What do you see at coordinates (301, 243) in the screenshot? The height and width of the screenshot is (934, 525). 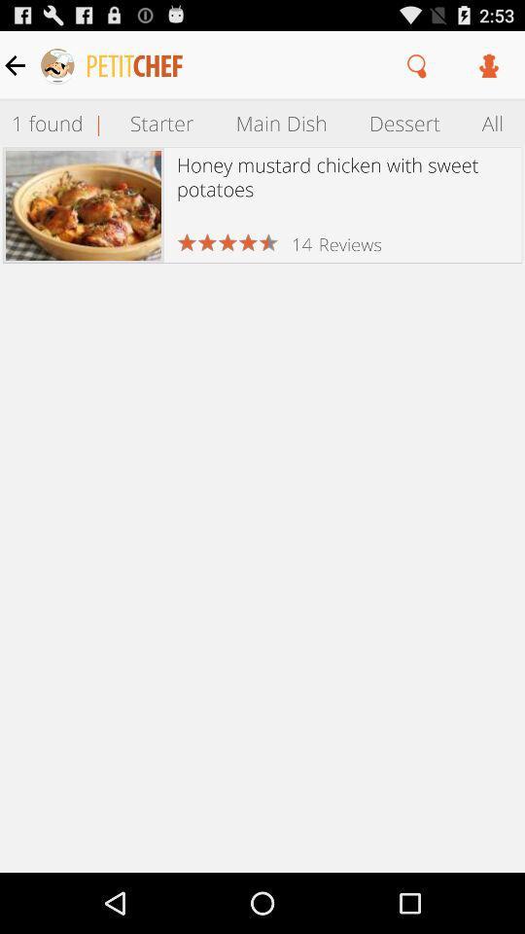 I see `14` at bounding box center [301, 243].